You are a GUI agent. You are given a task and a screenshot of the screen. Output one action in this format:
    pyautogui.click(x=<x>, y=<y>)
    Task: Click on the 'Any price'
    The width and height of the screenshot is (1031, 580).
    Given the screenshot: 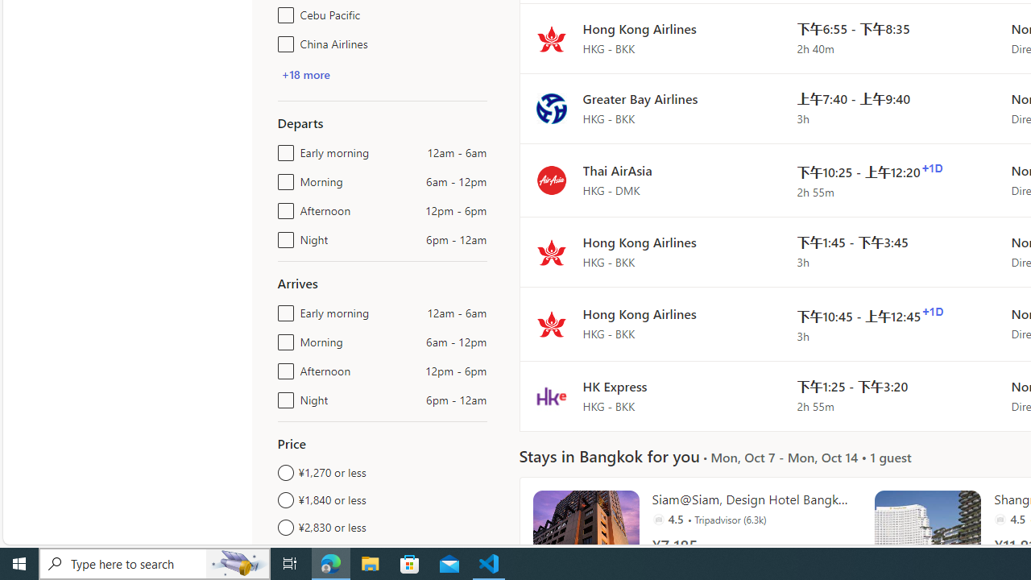 What is the action you would take?
    pyautogui.click(x=381, y=553)
    